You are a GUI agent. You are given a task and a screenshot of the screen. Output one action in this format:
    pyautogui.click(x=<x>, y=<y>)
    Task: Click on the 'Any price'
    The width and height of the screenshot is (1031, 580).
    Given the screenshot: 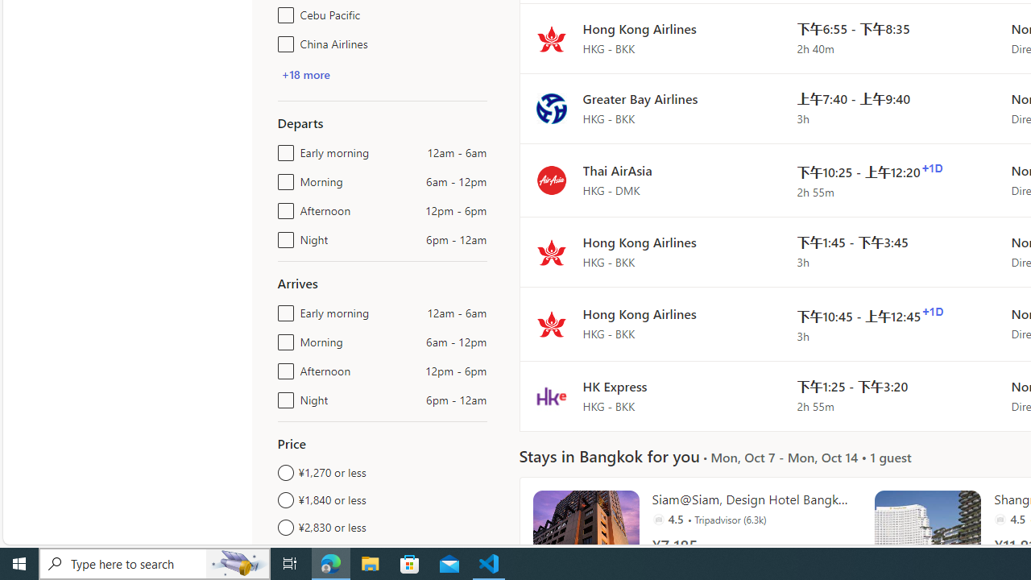 What is the action you would take?
    pyautogui.click(x=381, y=553)
    